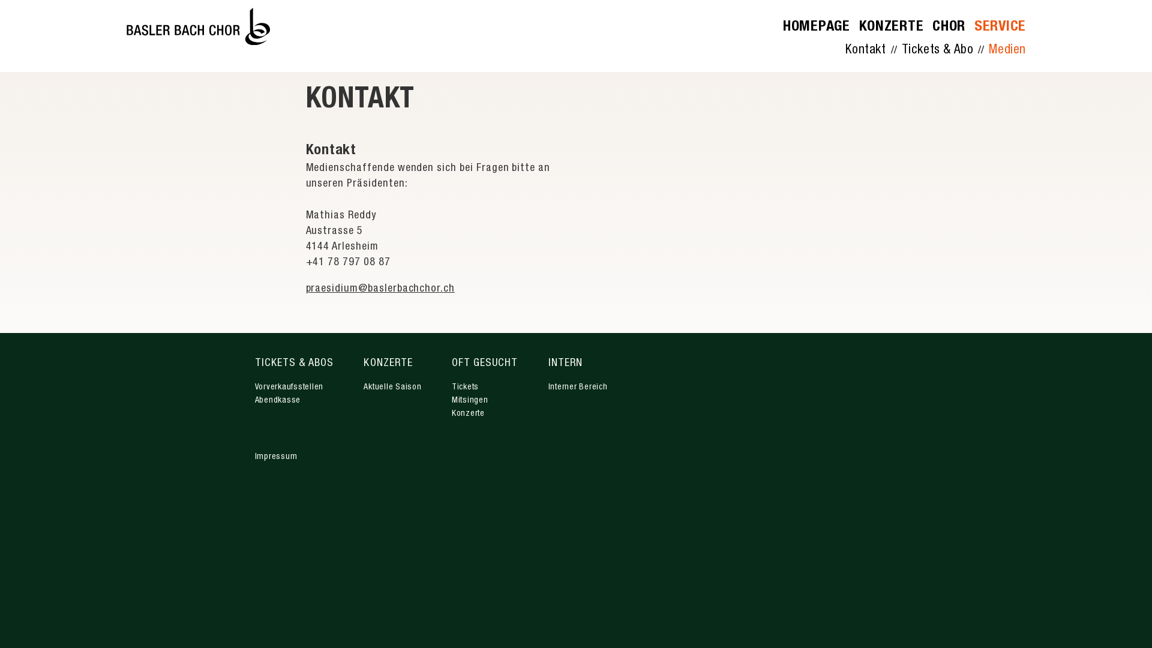  Describe the element at coordinates (380, 289) in the screenshot. I see `'praesidium@baslerbachchor.ch'` at that location.